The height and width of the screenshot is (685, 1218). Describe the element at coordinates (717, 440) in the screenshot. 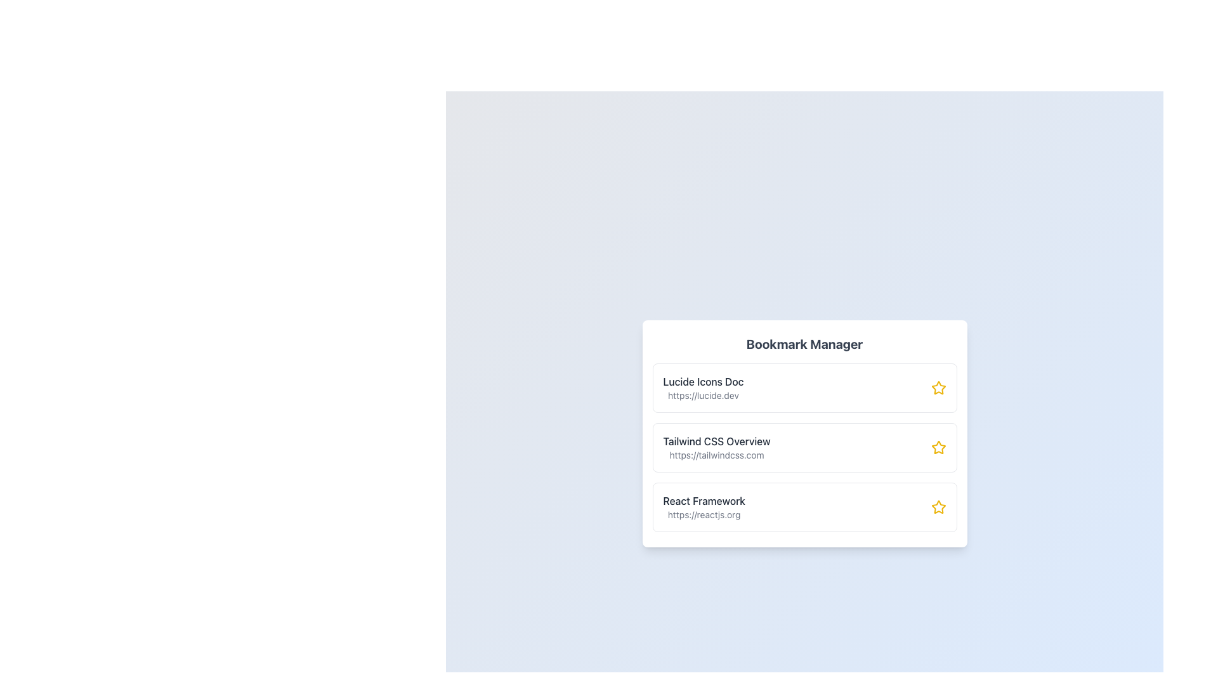

I see `the bold dark gray text label displaying 'Tailwind CSS Overview' in the Bookmark Manager interface, positioned above the link 'https://tailwindcss.com'` at that location.